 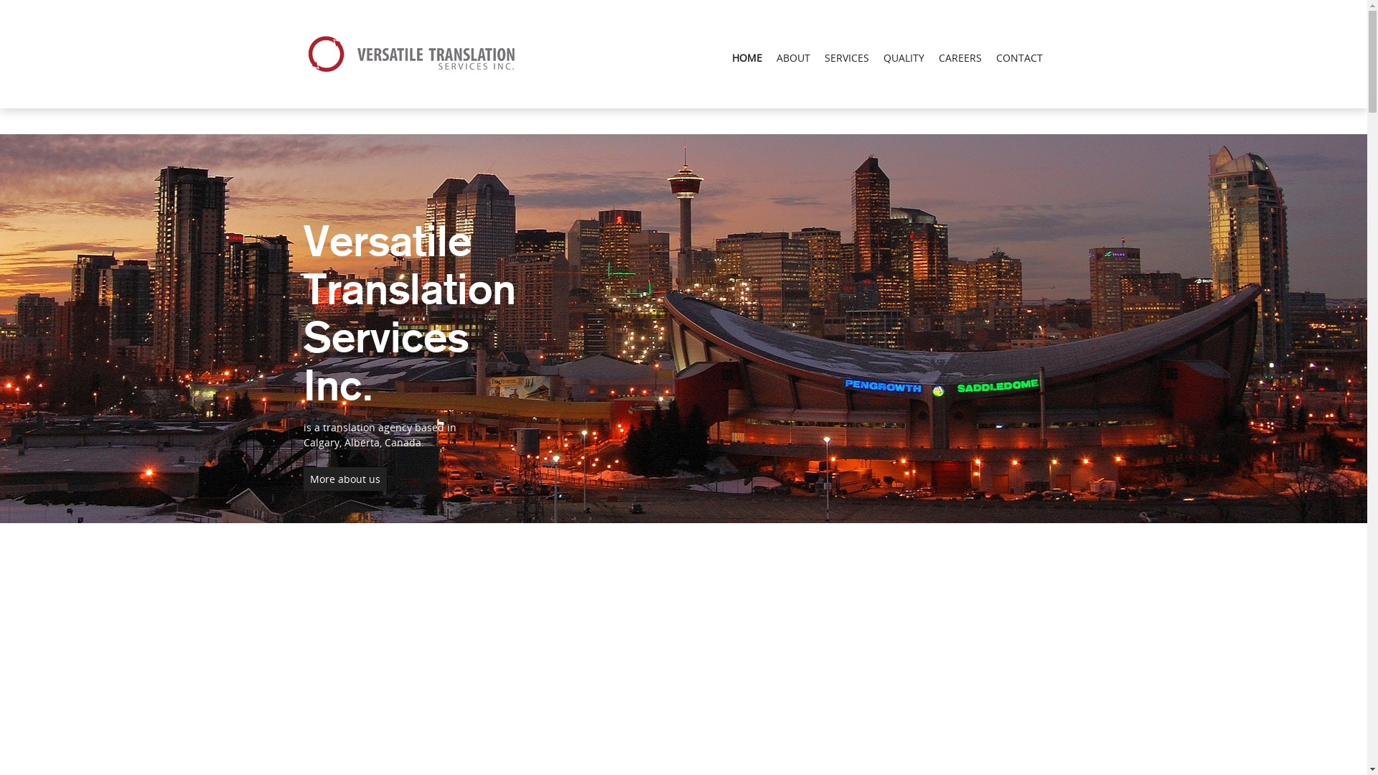 I want to click on 'Versatile Translation Services', so click(x=302, y=53).